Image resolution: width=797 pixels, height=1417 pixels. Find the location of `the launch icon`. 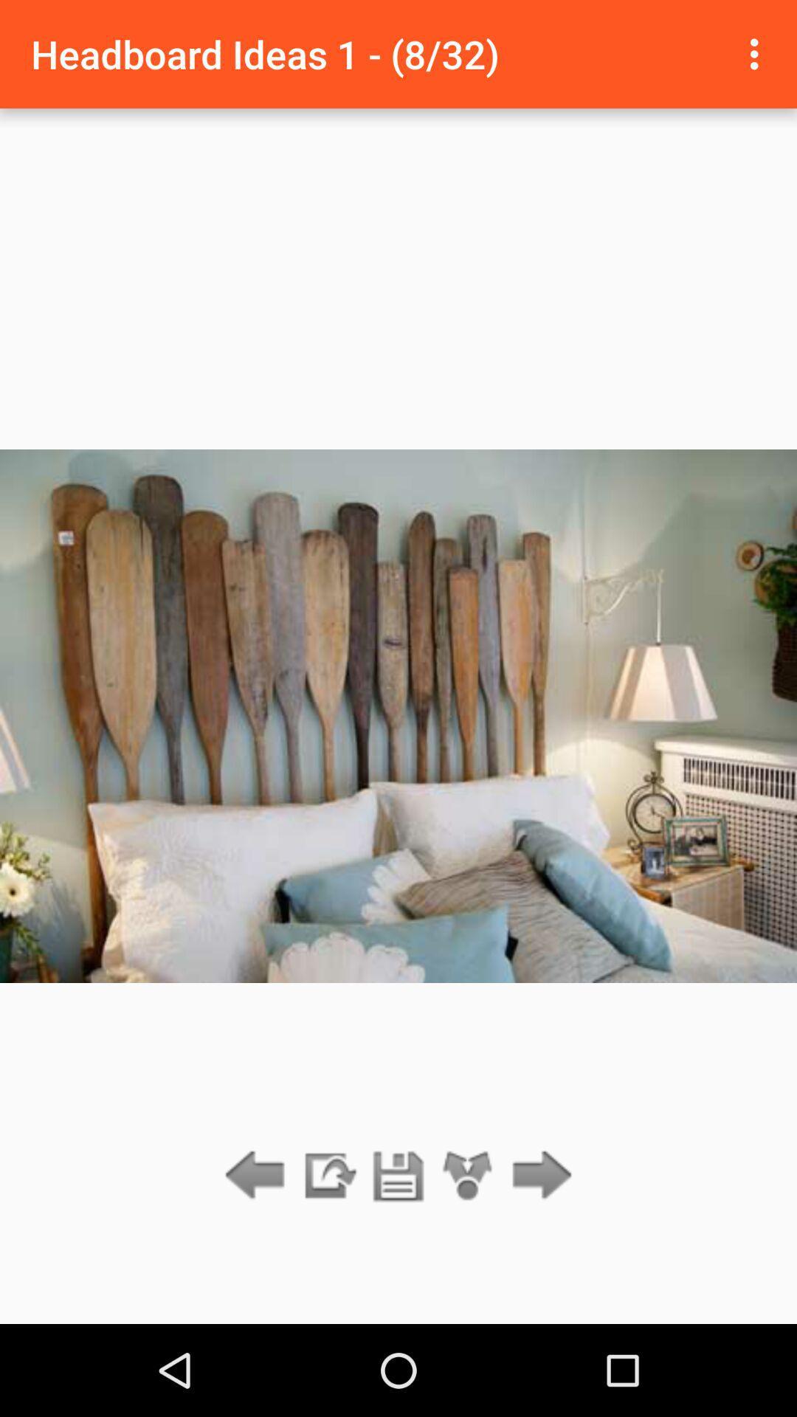

the launch icon is located at coordinates (328, 1176).